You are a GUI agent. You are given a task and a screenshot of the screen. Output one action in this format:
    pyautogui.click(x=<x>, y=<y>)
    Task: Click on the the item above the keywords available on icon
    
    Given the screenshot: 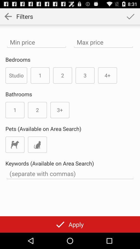 What is the action you would take?
    pyautogui.click(x=15, y=144)
    